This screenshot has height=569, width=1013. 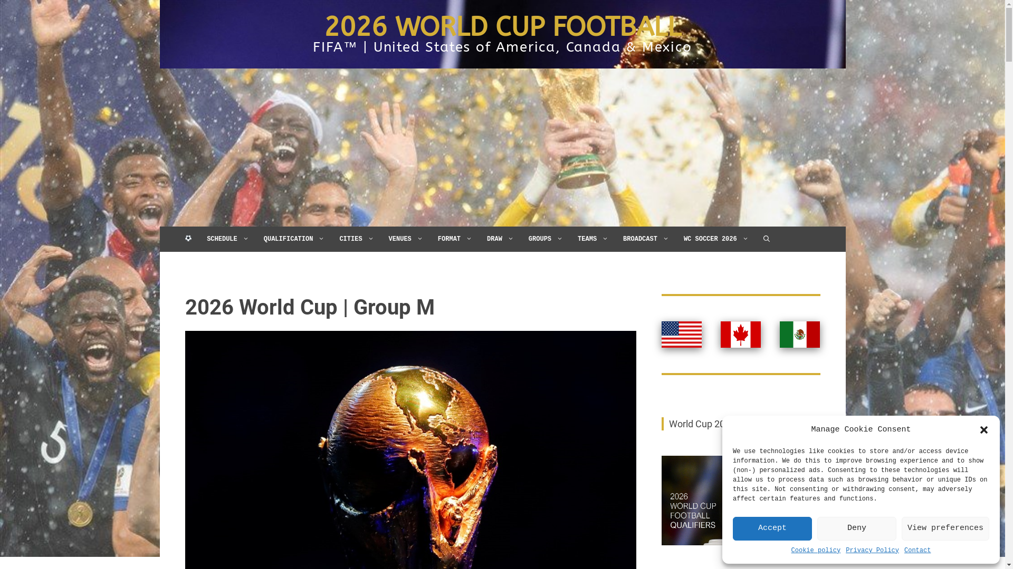 I want to click on 'TEAMS', so click(x=569, y=239).